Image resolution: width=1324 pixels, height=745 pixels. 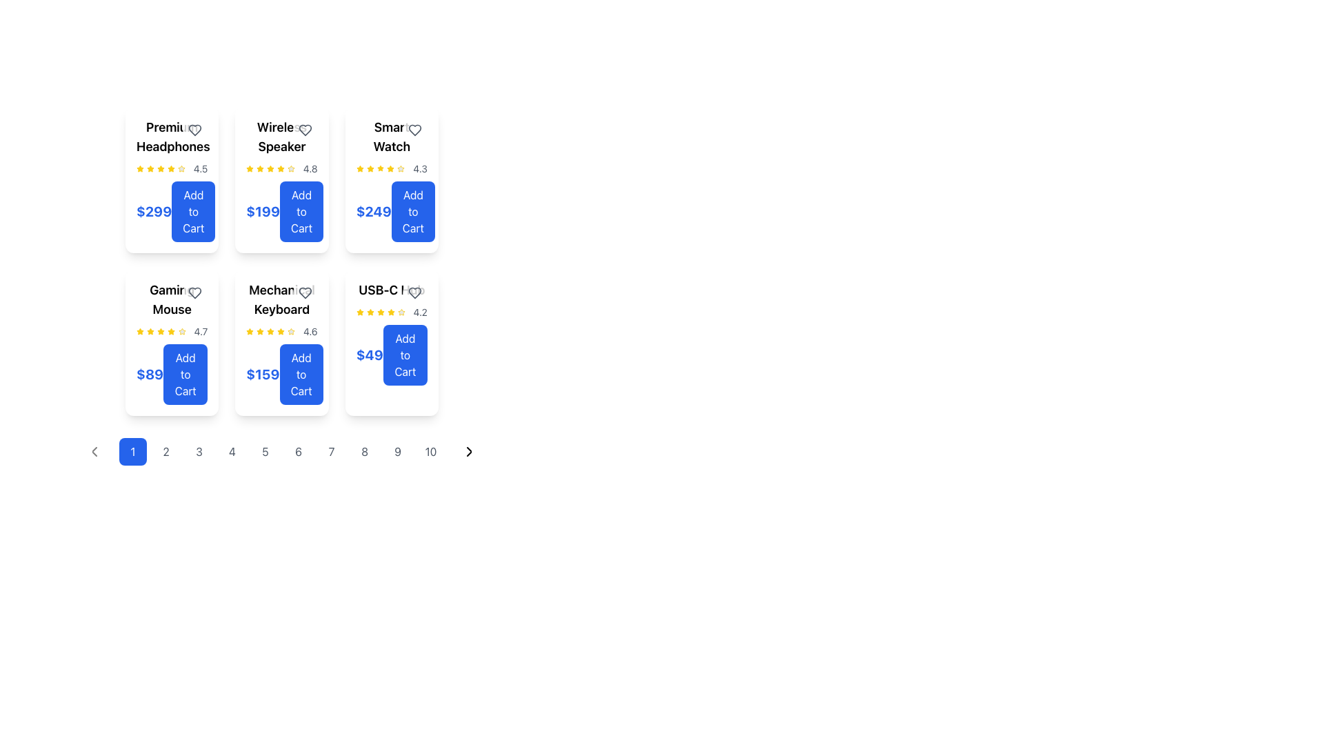 What do you see at coordinates (304, 130) in the screenshot?
I see `the gray heart icon button located in the top right of the 'Wireless Speaker' card to indicate its interactive nature` at bounding box center [304, 130].